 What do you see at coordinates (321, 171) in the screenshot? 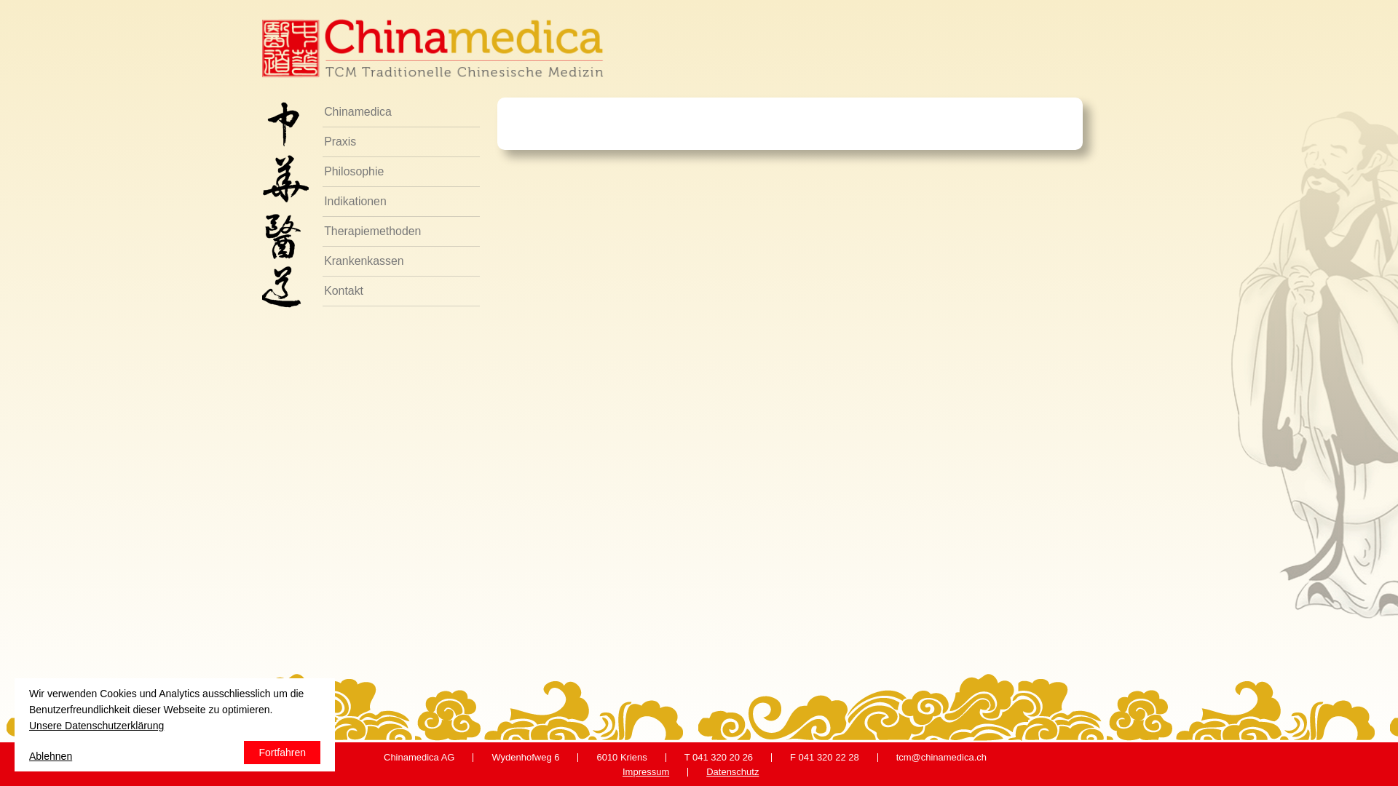
I see `'Philosophie'` at bounding box center [321, 171].